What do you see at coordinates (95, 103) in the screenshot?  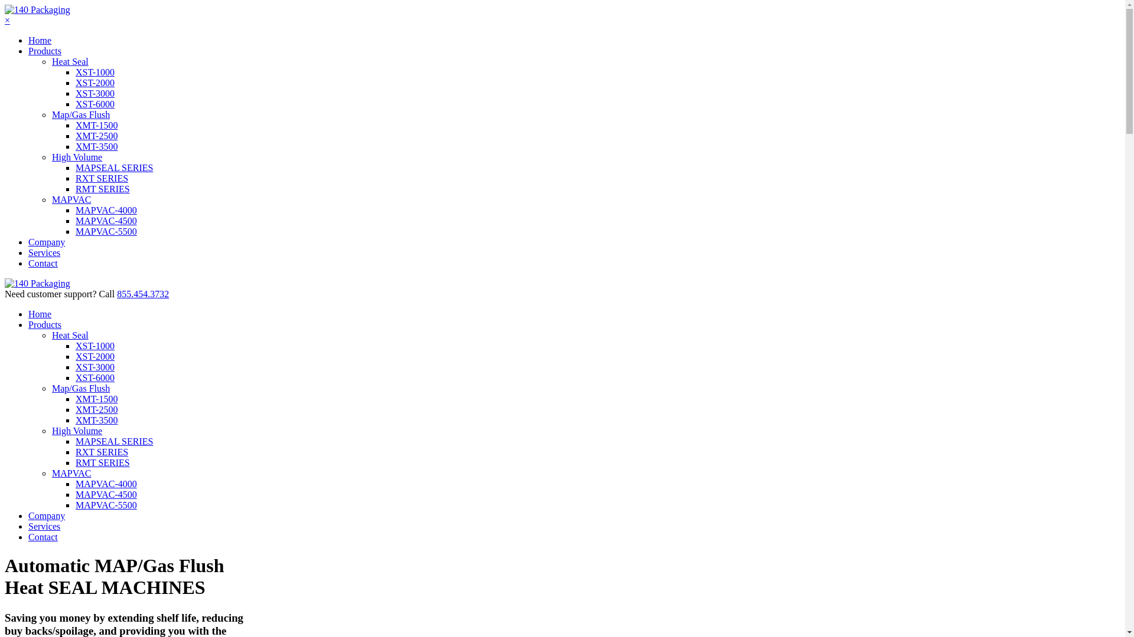 I see `'XST-6000'` at bounding box center [95, 103].